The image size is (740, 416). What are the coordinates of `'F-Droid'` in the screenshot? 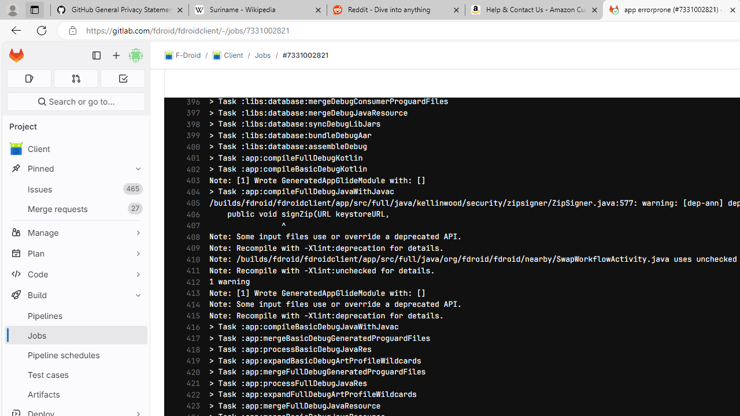 It's located at (182, 55).